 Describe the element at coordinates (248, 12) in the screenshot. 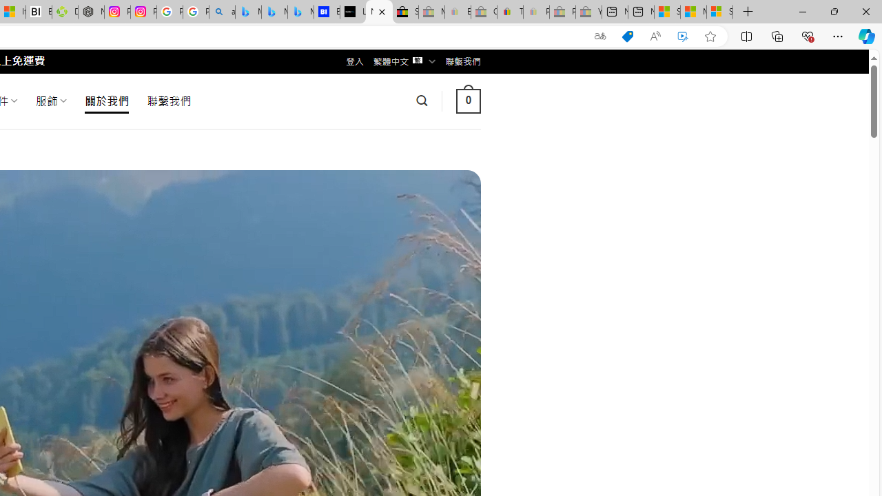

I see `'Microsoft Bing Travel - Flights from Hong Kong to Bangkok'` at that location.